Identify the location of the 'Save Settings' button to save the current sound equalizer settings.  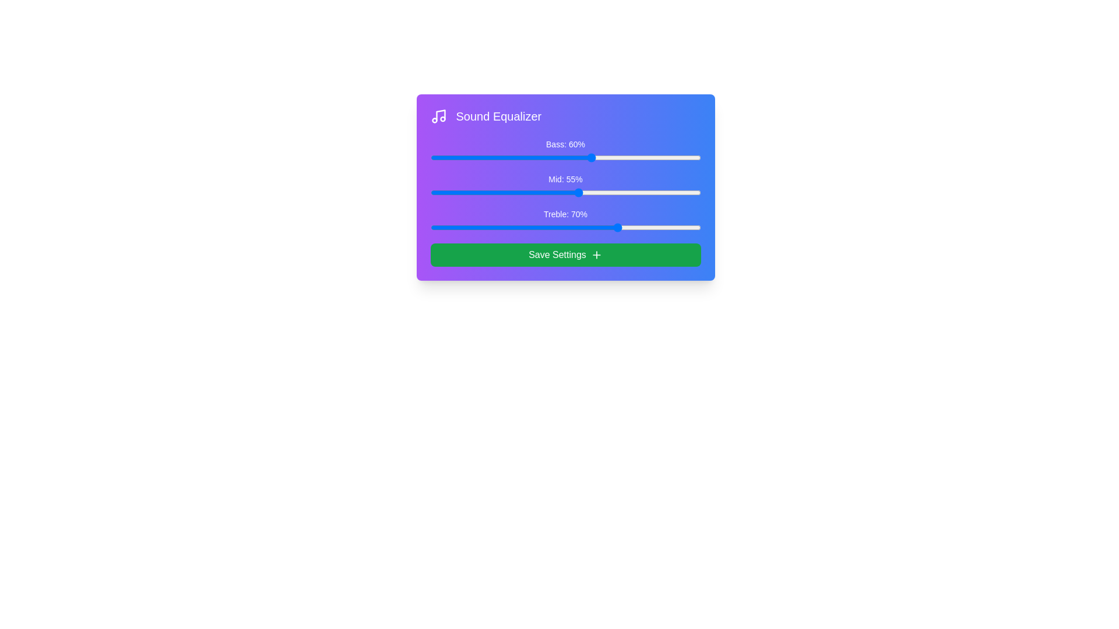
(565, 255).